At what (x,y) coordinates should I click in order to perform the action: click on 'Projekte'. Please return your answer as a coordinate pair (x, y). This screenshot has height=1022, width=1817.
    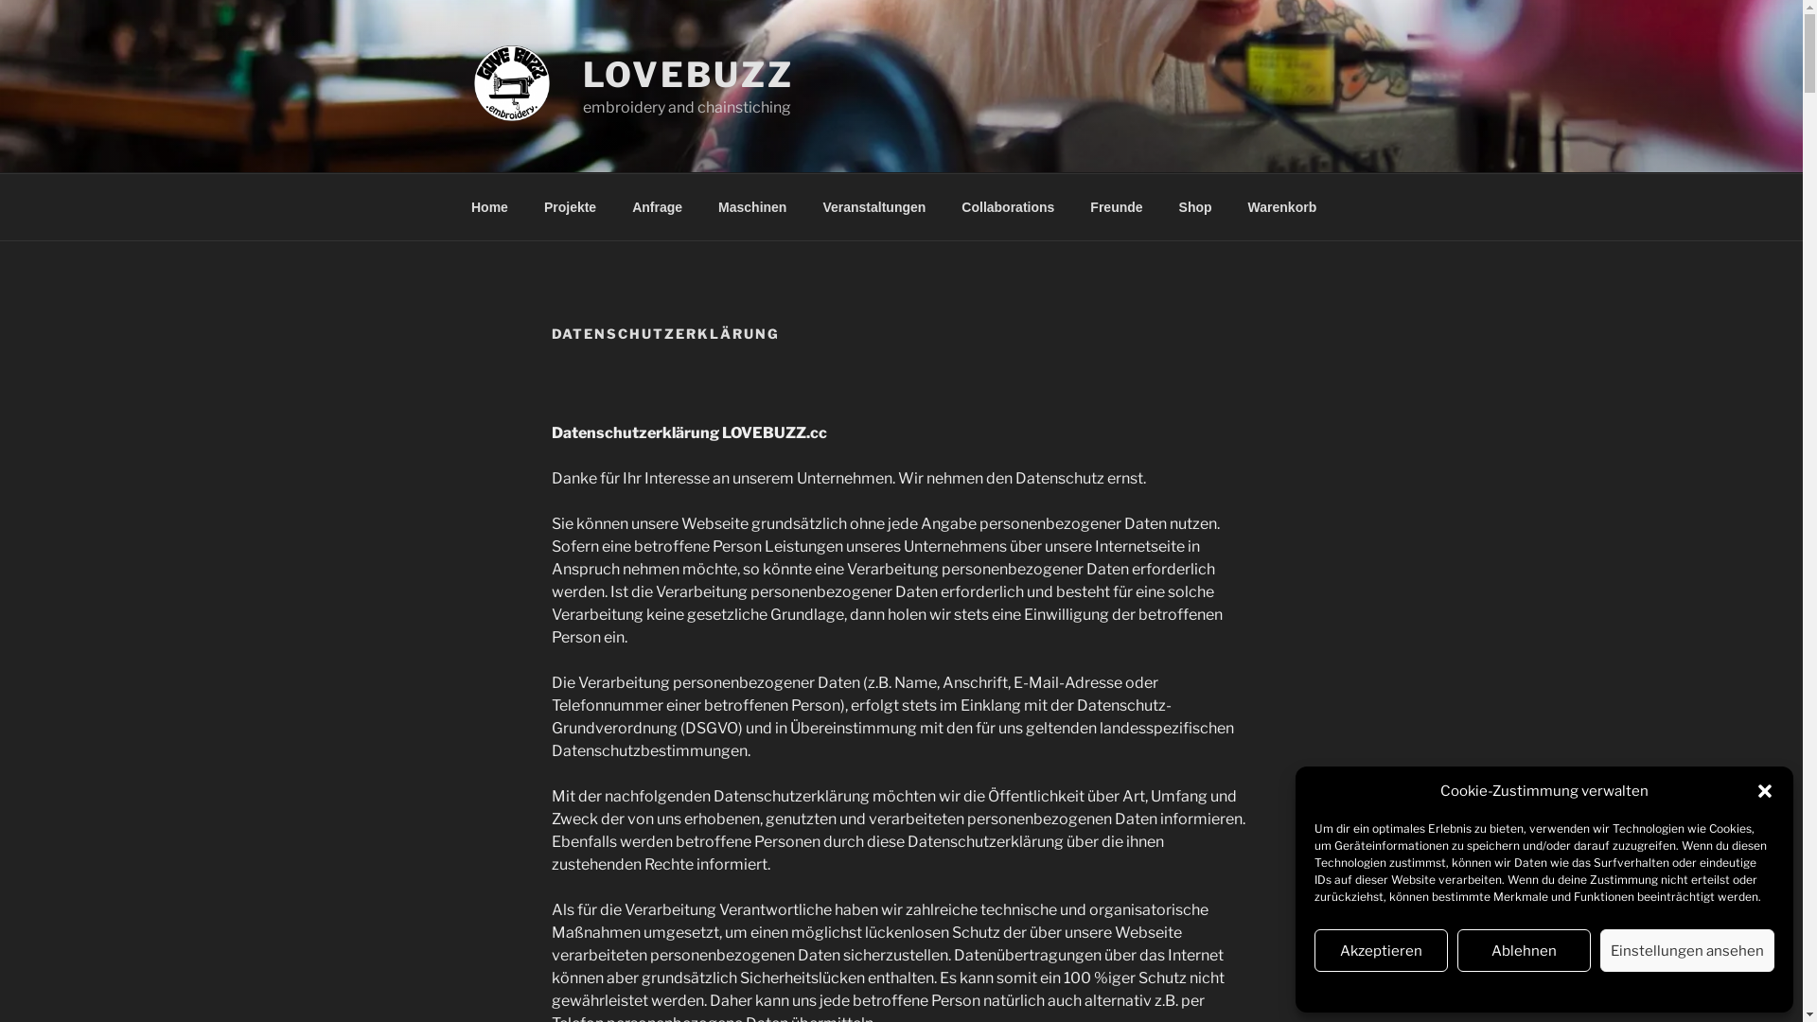
    Looking at the image, I should click on (568, 206).